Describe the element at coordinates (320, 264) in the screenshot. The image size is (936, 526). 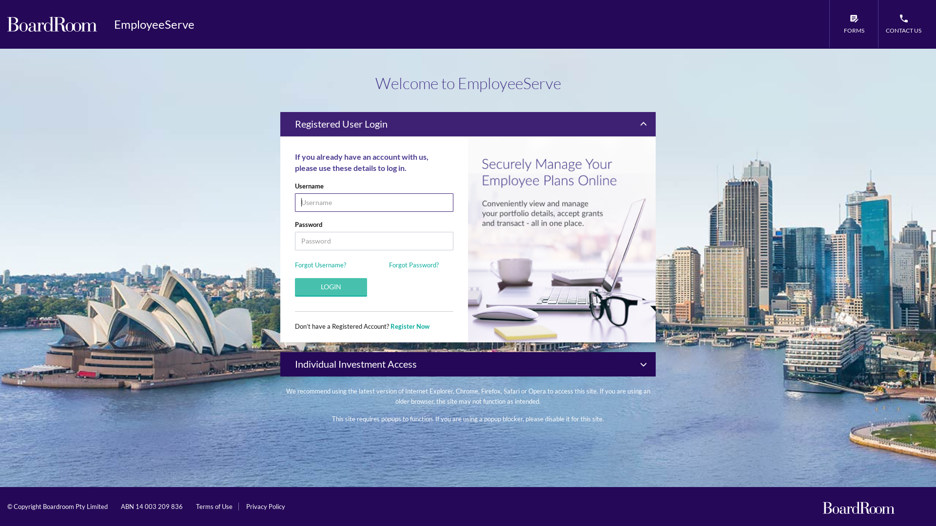
I see `'Forgot Username?'` at that location.